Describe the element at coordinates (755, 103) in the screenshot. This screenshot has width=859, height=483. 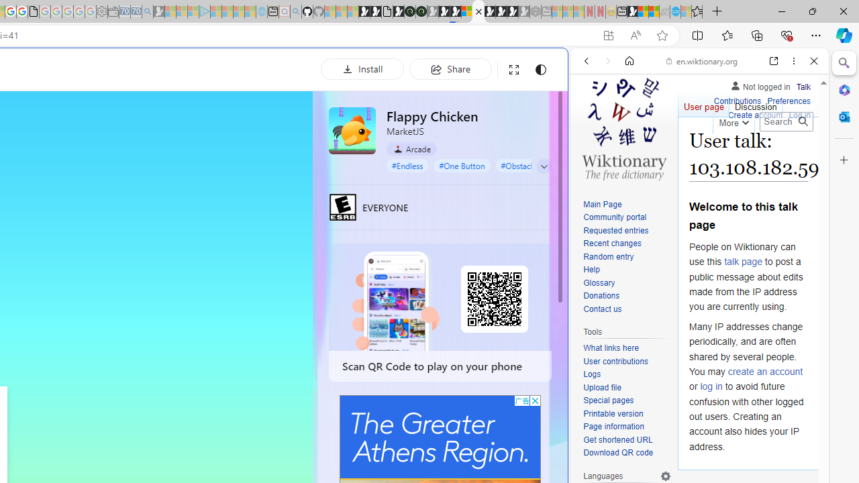
I see `'Discussion'` at that location.